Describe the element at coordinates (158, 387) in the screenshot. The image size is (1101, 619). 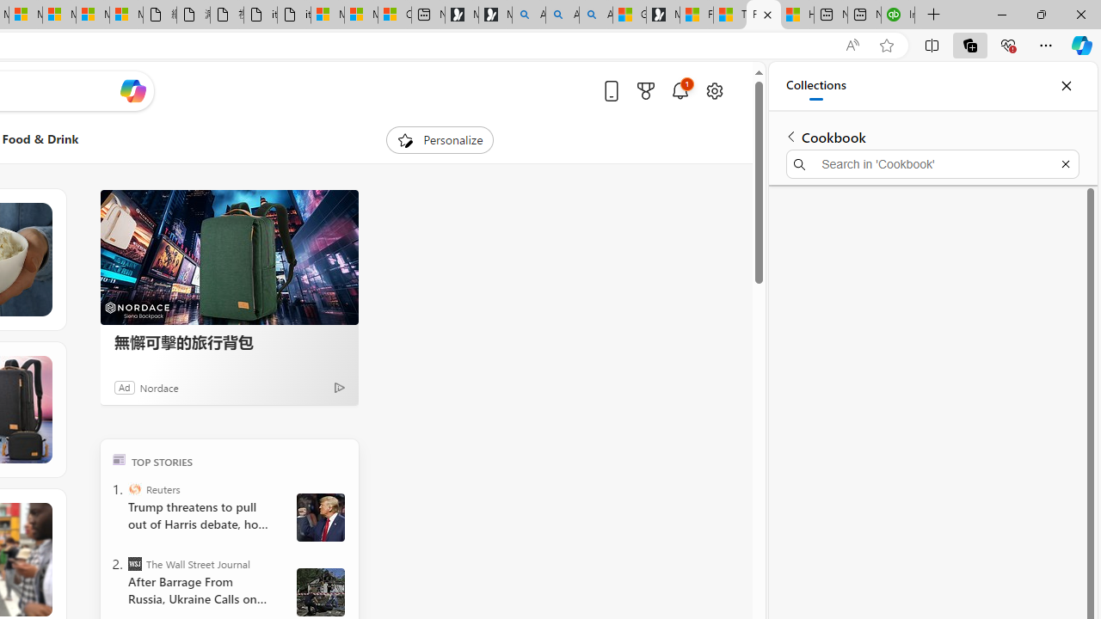
I see `'Nordace'` at that location.